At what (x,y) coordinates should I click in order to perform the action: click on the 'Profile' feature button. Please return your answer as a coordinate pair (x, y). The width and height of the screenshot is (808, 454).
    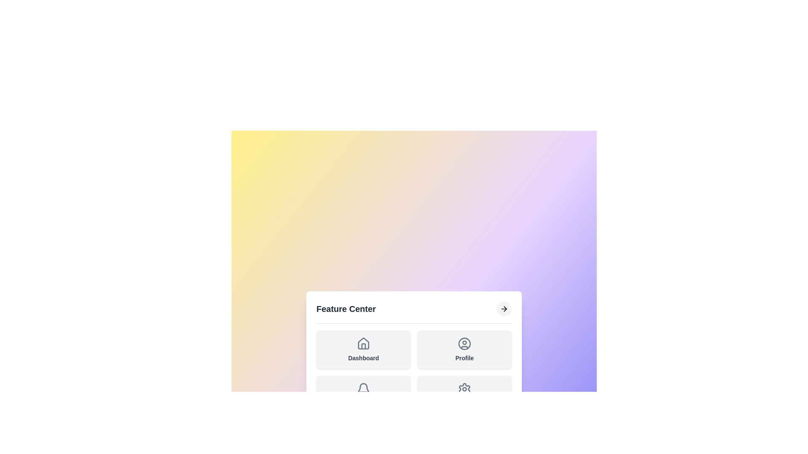
    Looking at the image, I should click on (464, 349).